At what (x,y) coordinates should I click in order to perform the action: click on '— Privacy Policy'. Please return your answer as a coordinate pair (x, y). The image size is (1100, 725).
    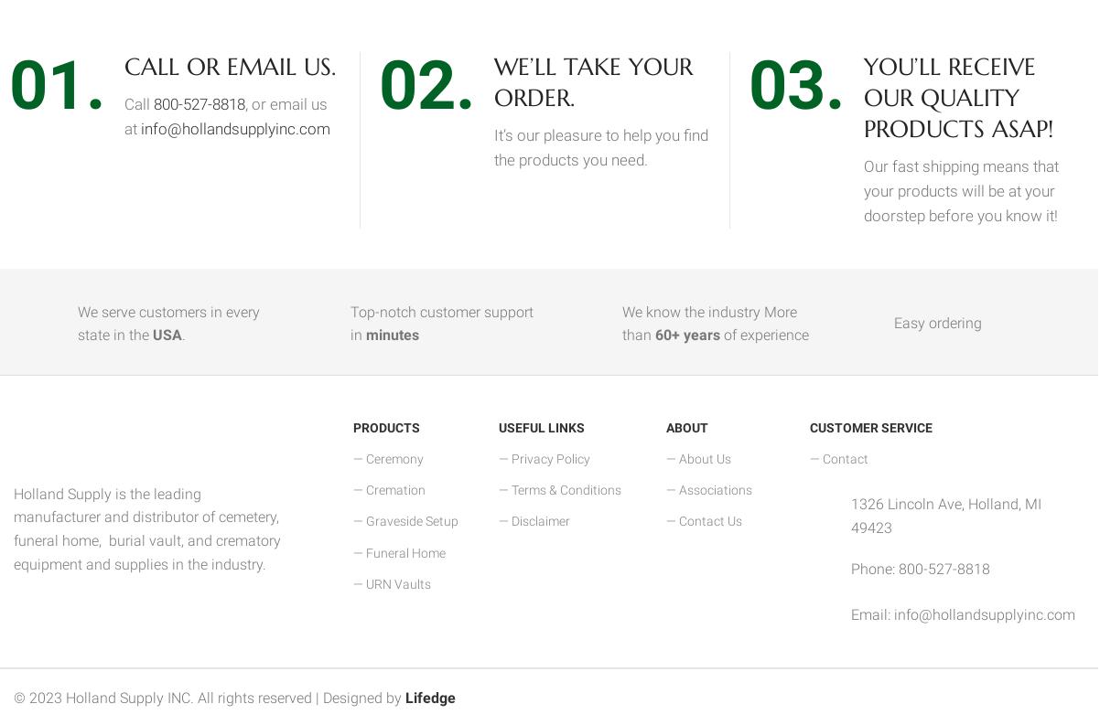
    Looking at the image, I should click on (497, 458).